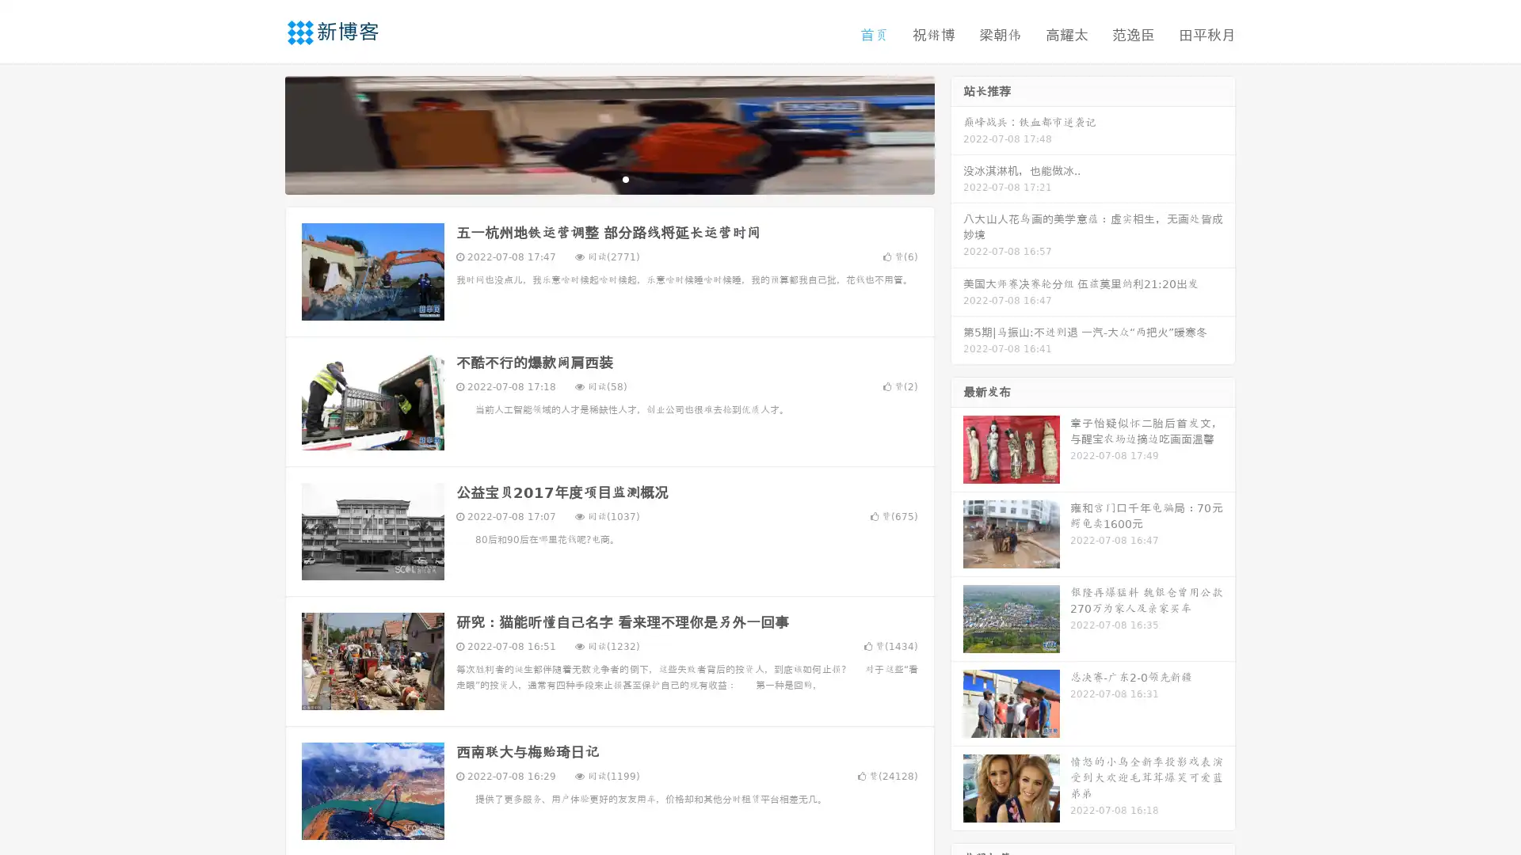 This screenshot has width=1521, height=855. What do you see at coordinates (957, 133) in the screenshot?
I see `Next slide` at bounding box center [957, 133].